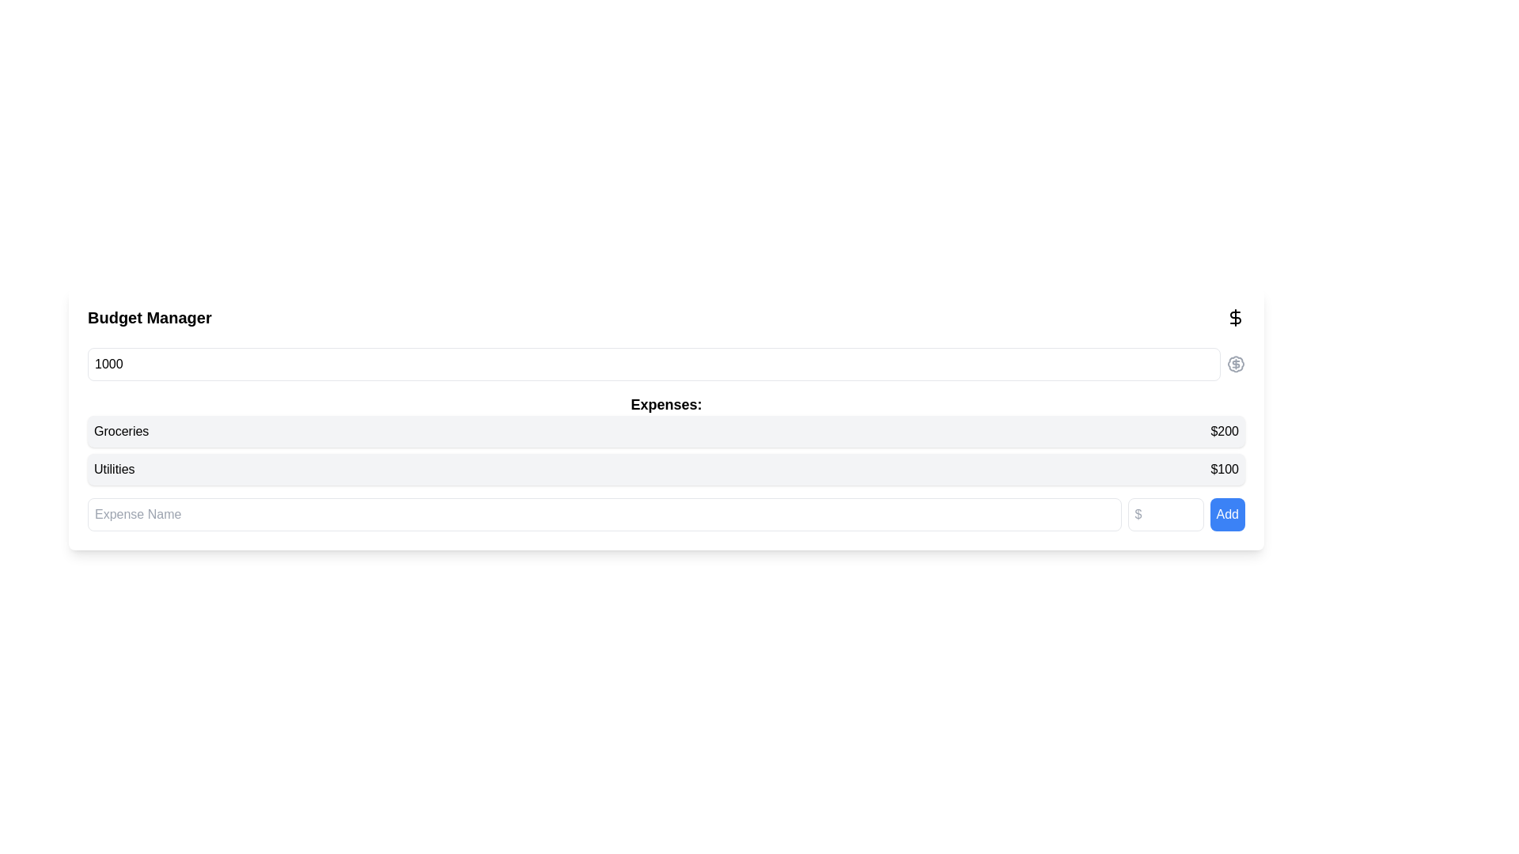  What do you see at coordinates (666, 515) in the screenshot?
I see `the 'Expense Name' input field located within the 'Budget Manager' panel` at bounding box center [666, 515].